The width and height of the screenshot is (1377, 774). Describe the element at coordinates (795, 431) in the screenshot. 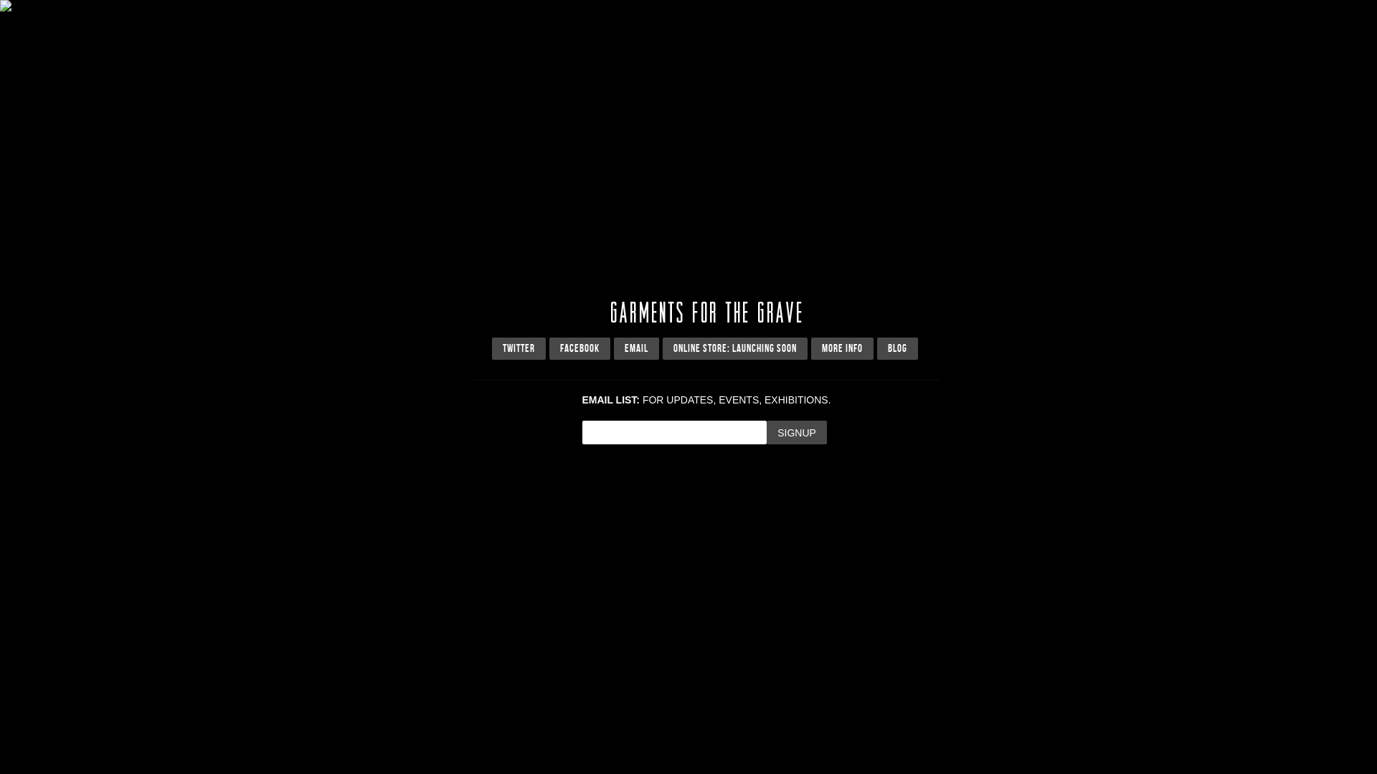

I see `'Signup'` at that location.